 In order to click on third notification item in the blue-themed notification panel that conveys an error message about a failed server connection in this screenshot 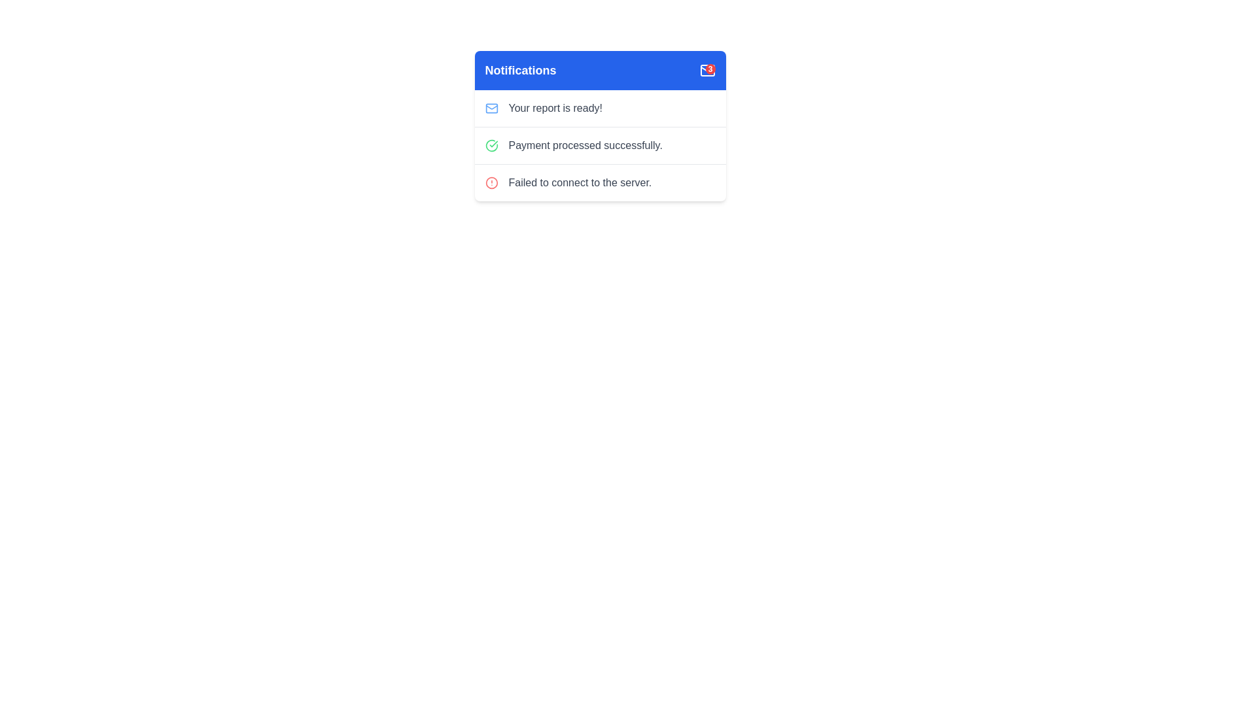, I will do `click(599, 182)`.